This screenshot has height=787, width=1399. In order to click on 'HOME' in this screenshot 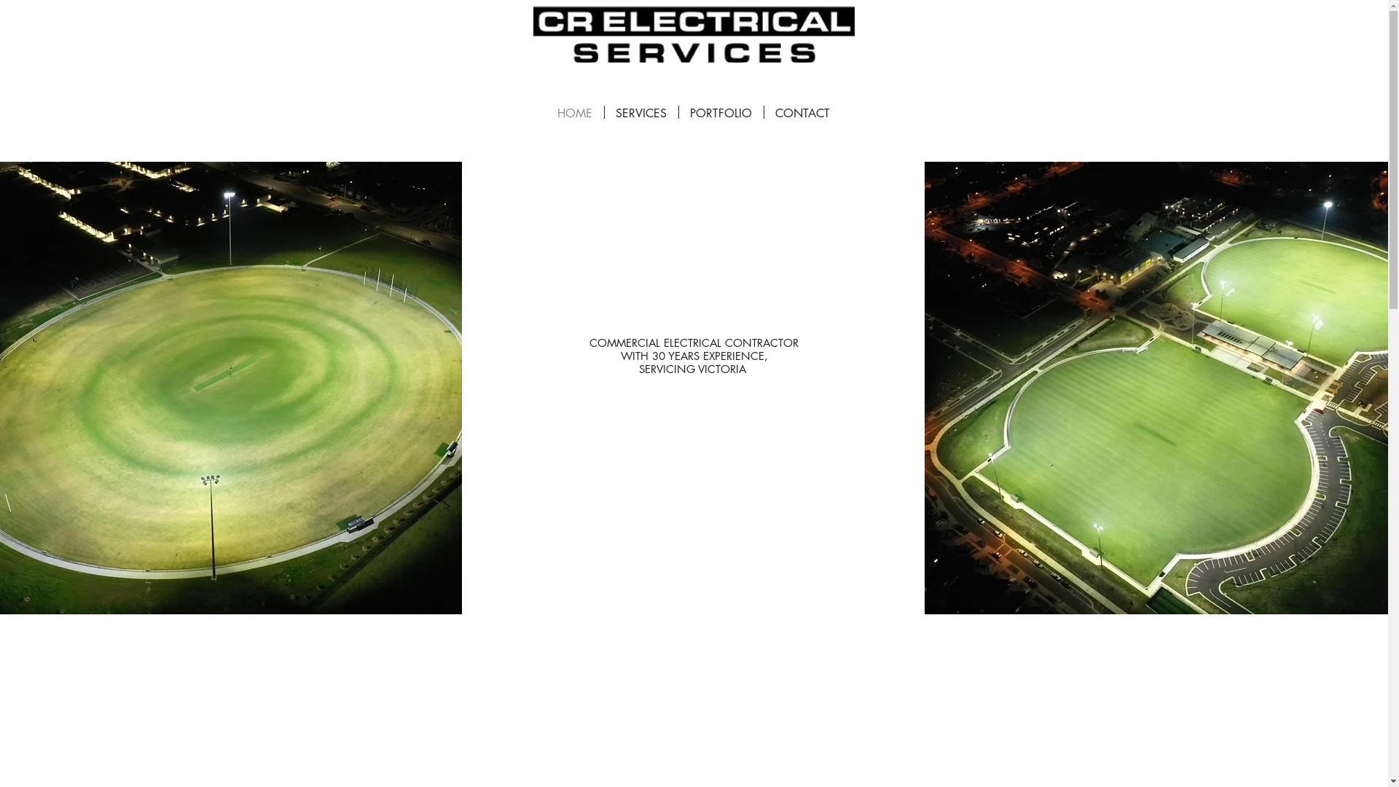, I will do `click(574, 111)`.